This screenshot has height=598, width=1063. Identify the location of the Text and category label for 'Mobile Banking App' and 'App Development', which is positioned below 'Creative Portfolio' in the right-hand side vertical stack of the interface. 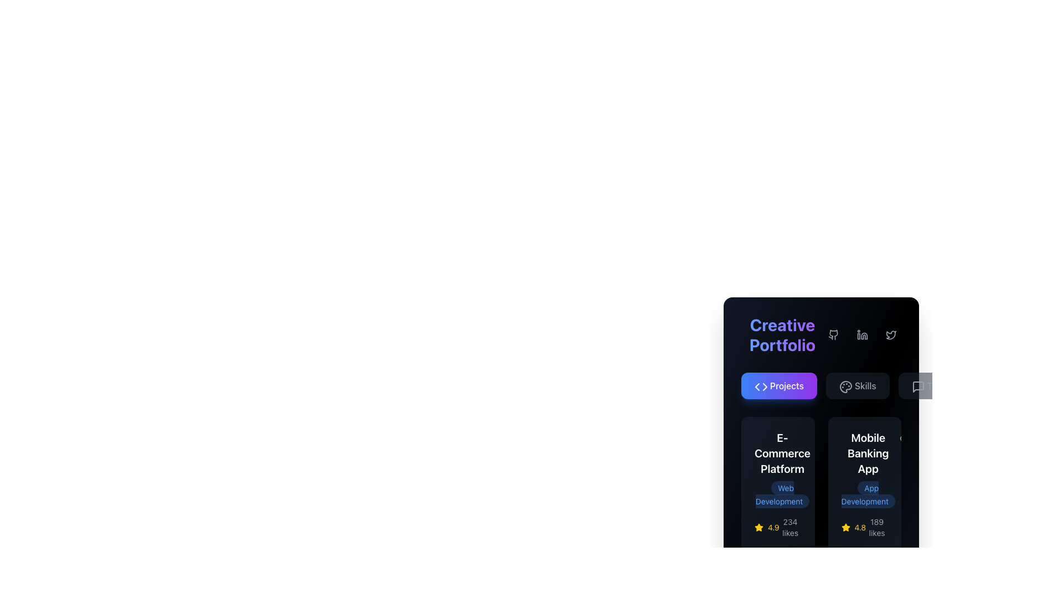
(868, 469).